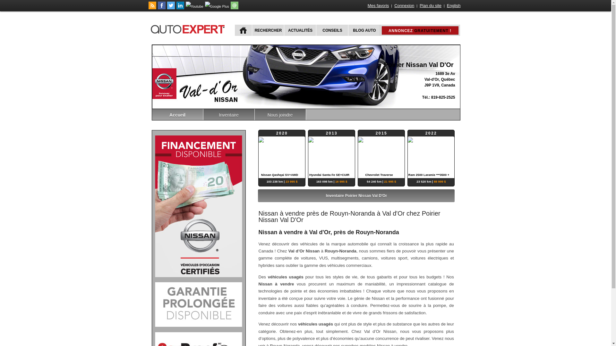 This screenshot has width=616, height=346. Describe the element at coordinates (431, 5) in the screenshot. I see `'Plan du site'` at that location.